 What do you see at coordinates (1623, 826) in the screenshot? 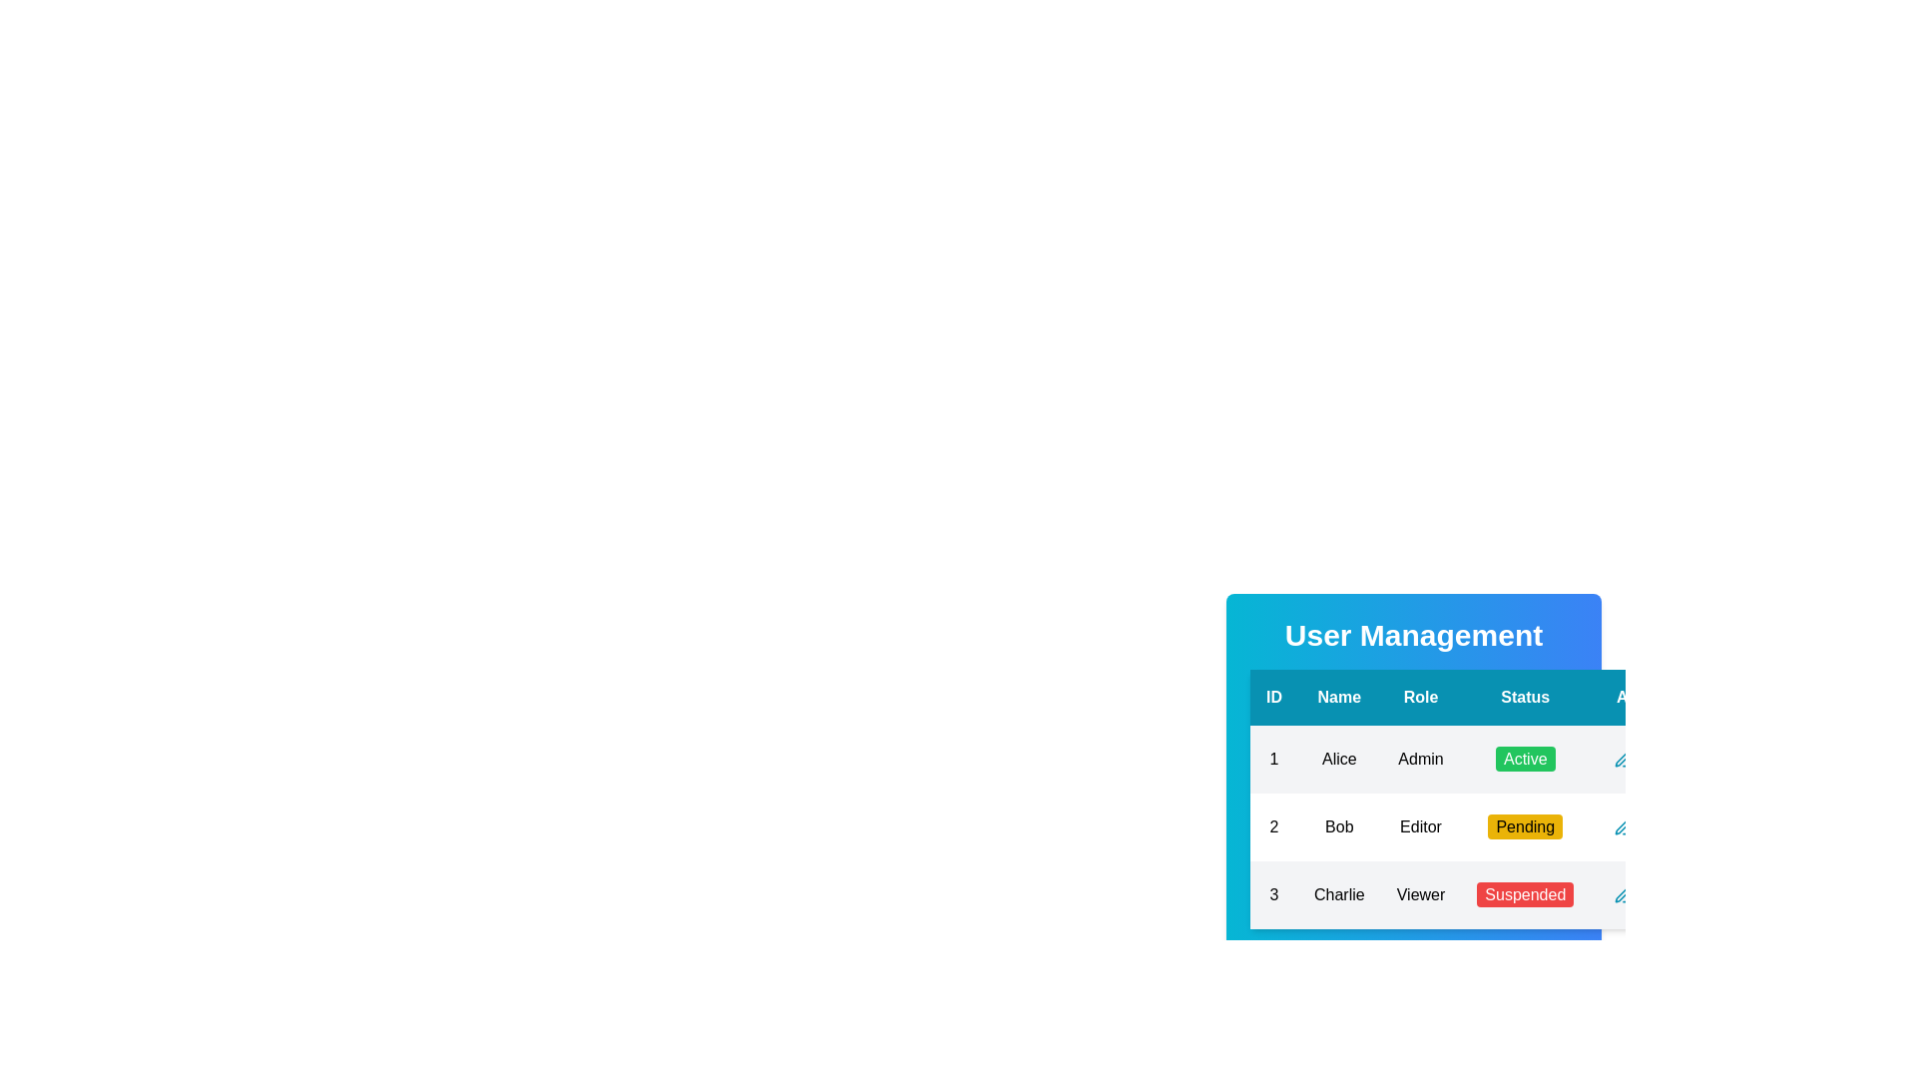
I see `the pen-shaped icon within the SVG element` at bounding box center [1623, 826].